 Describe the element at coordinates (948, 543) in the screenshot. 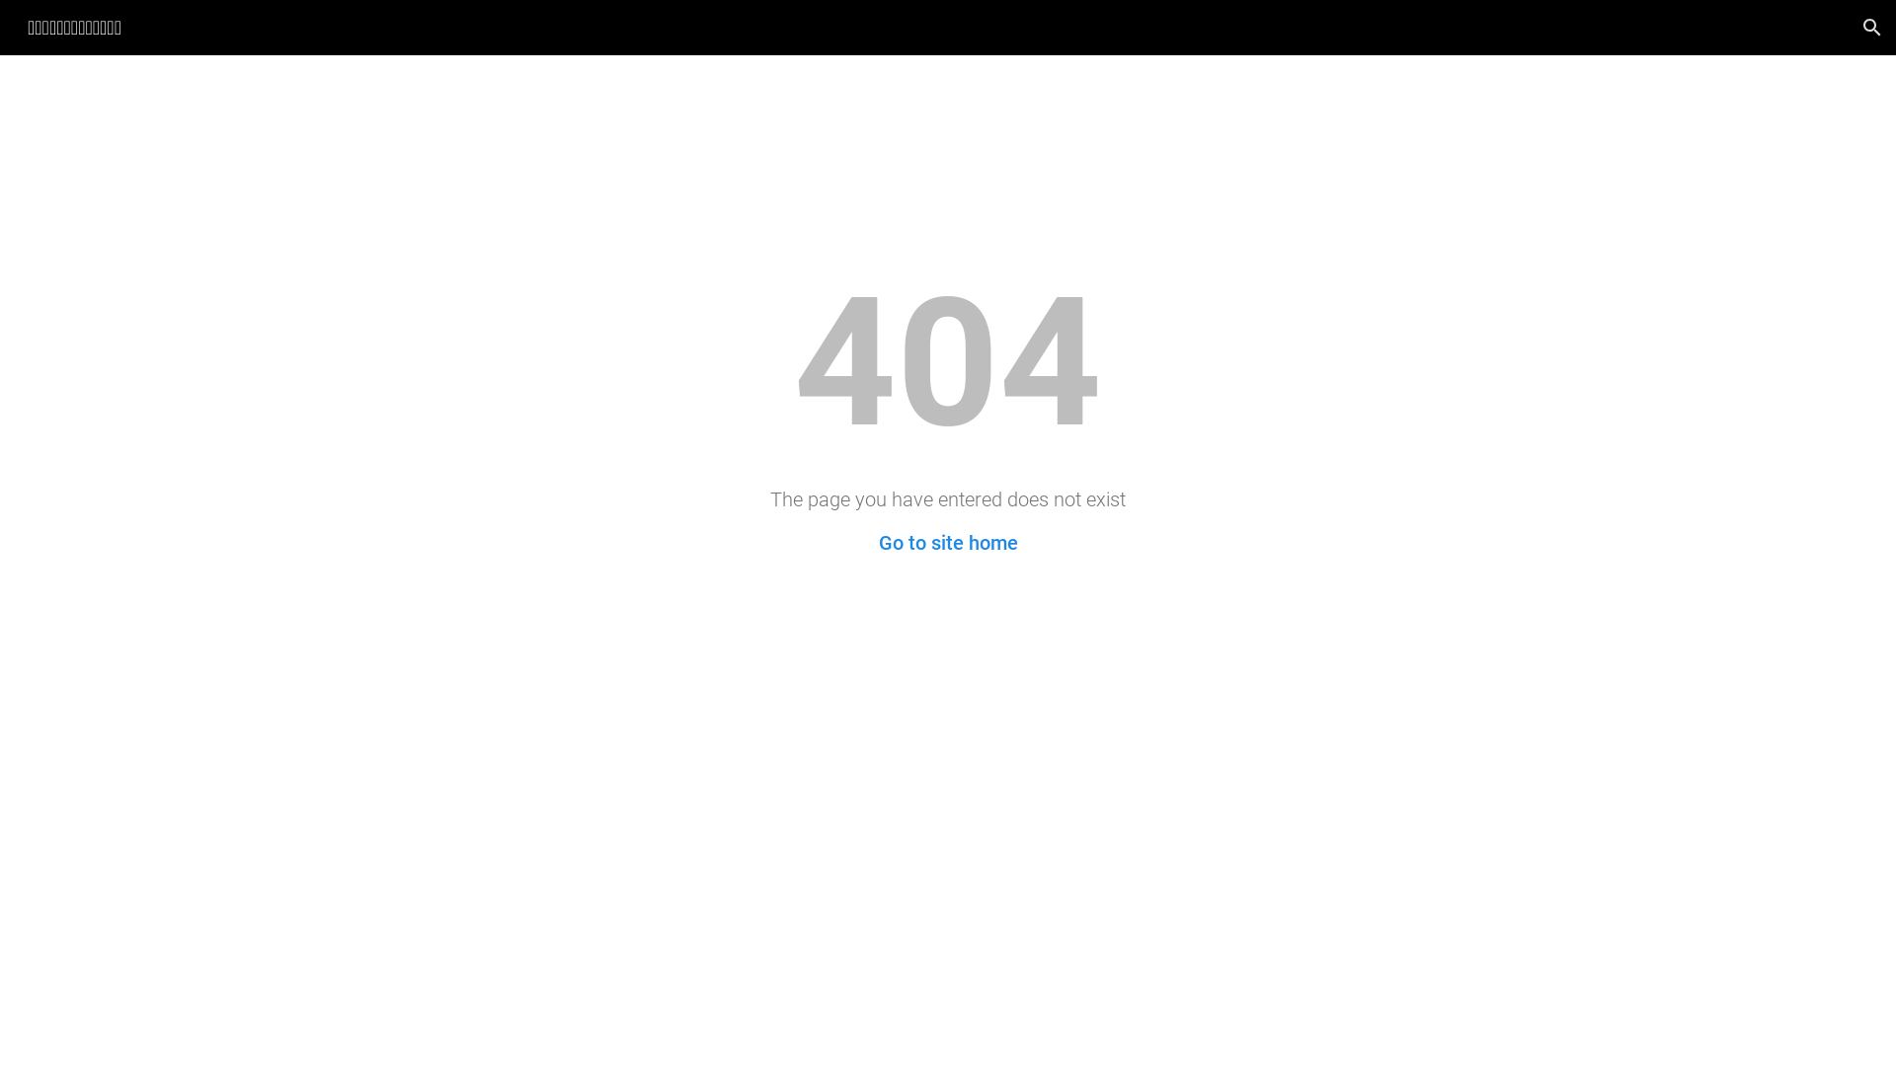

I see `'Go to site home'` at that location.